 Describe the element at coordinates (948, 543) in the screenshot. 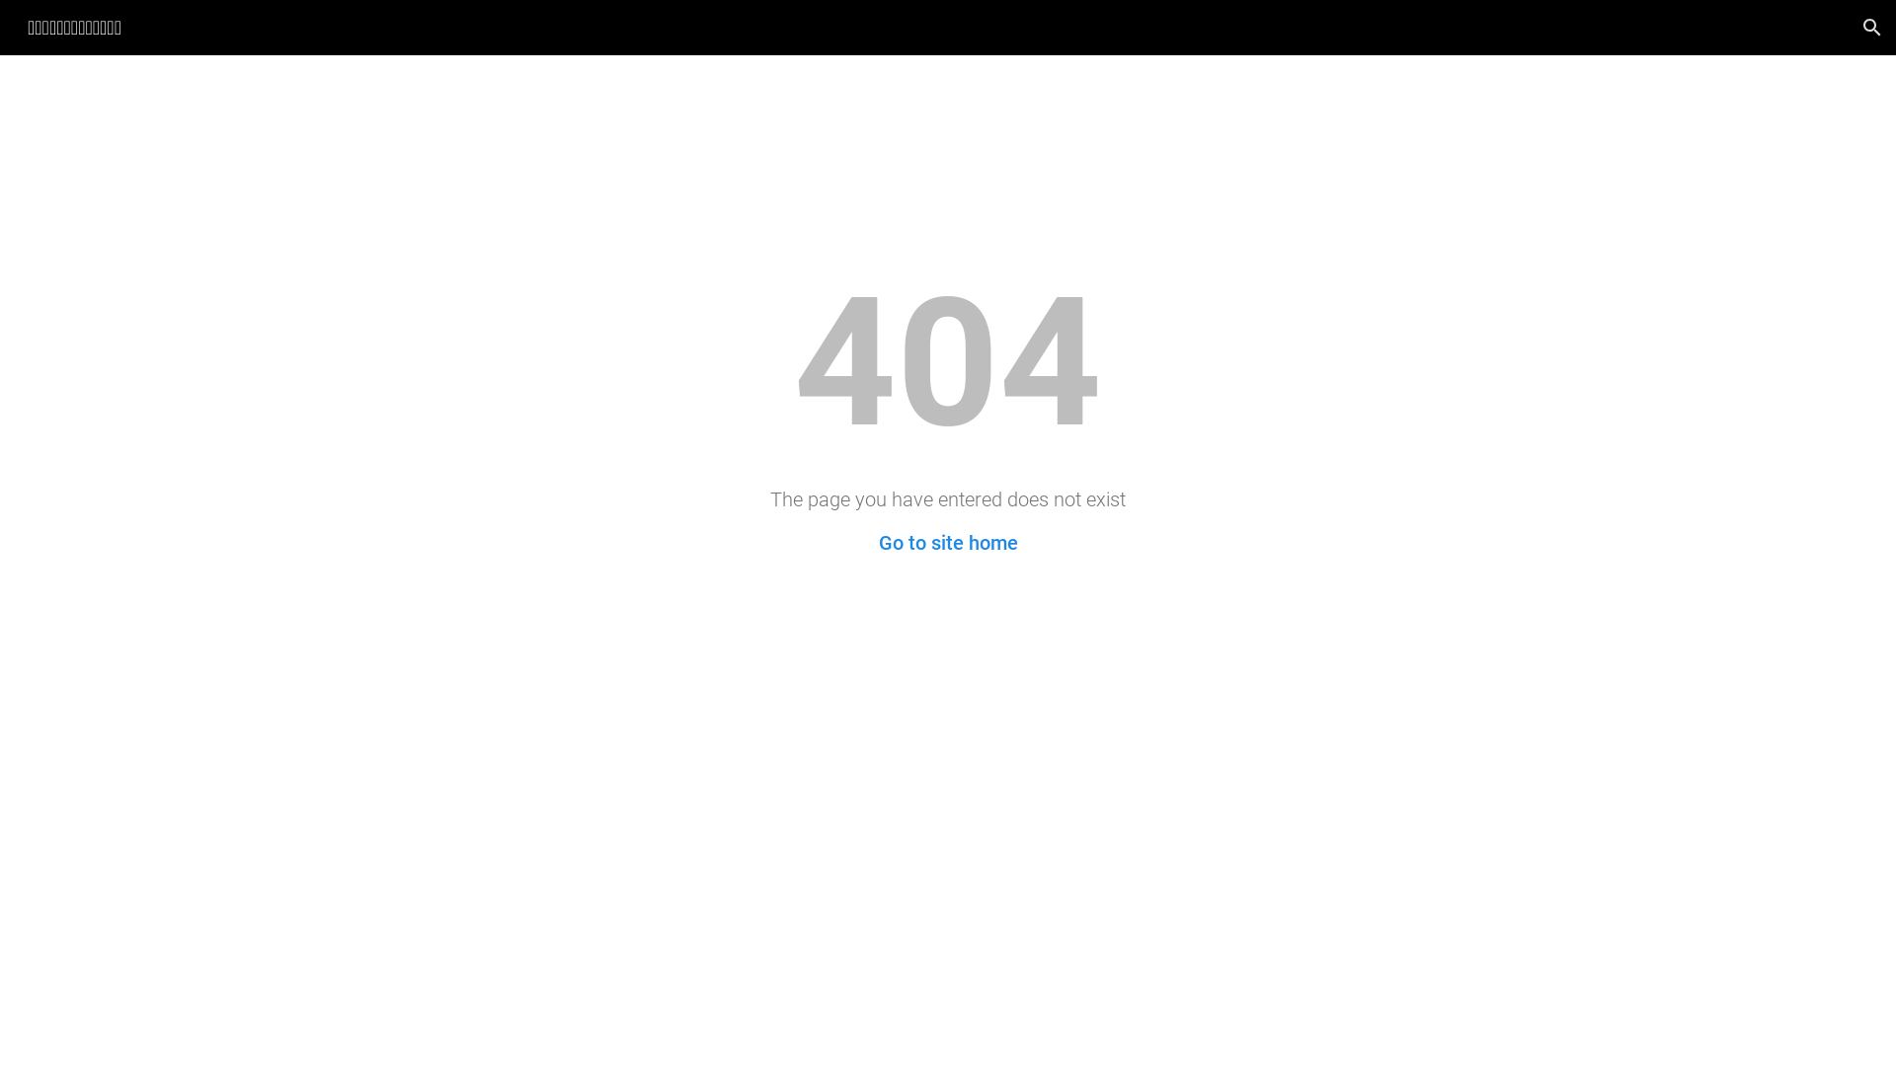

I see `'Go to site home'` at that location.